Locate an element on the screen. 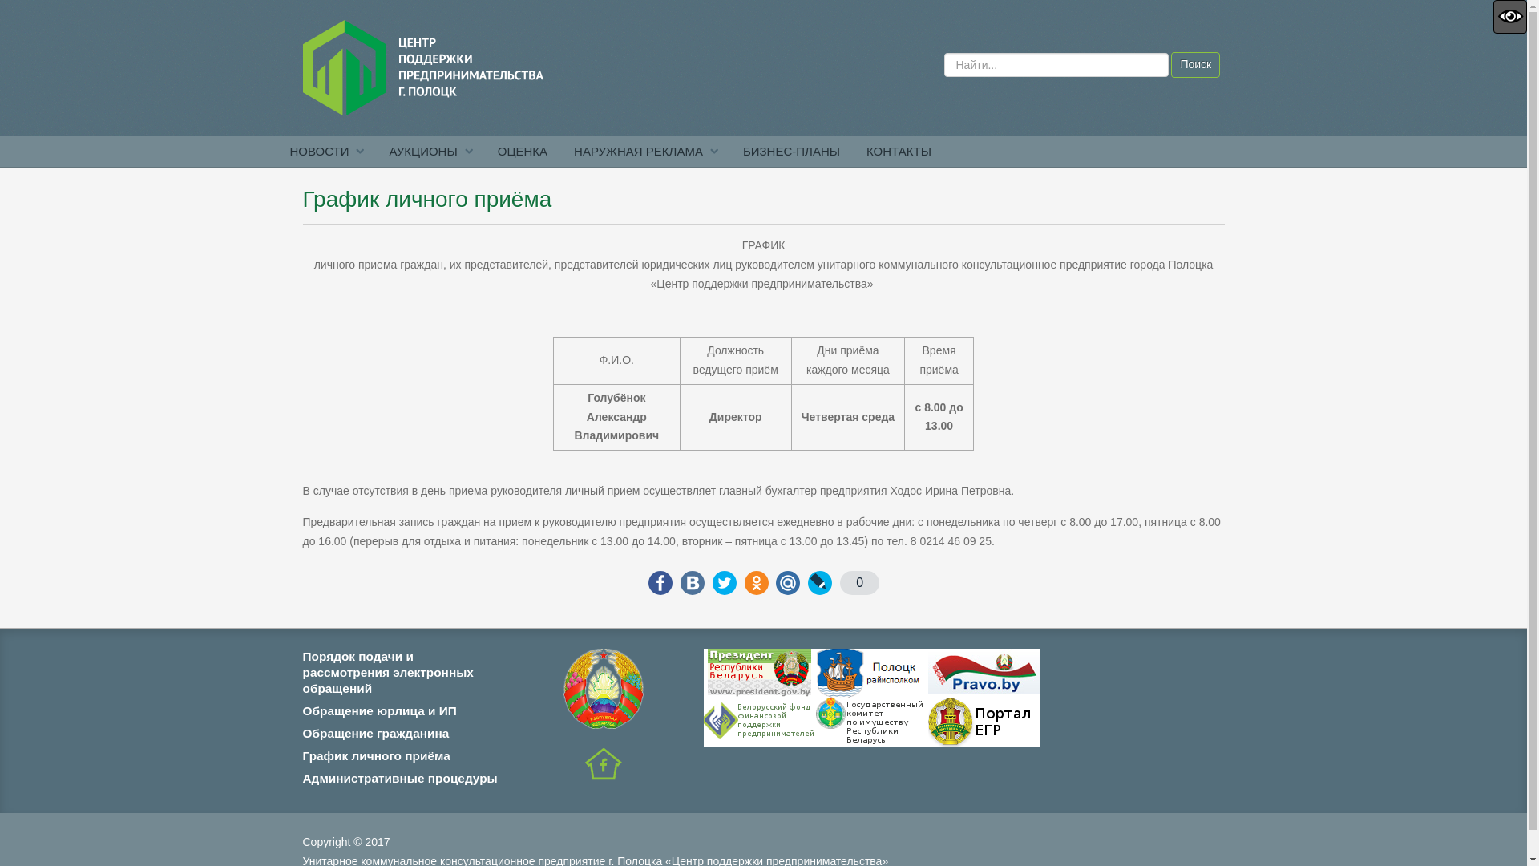 Image resolution: width=1539 pixels, height=866 pixels. 'FaceBook' is located at coordinates (660, 582).